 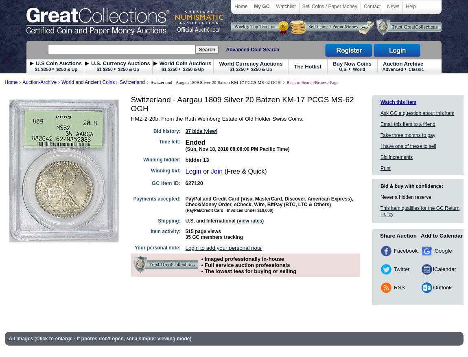 What do you see at coordinates (162, 160) in the screenshot?
I see `'Winning bidder:'` at bounding box center [162, 160].